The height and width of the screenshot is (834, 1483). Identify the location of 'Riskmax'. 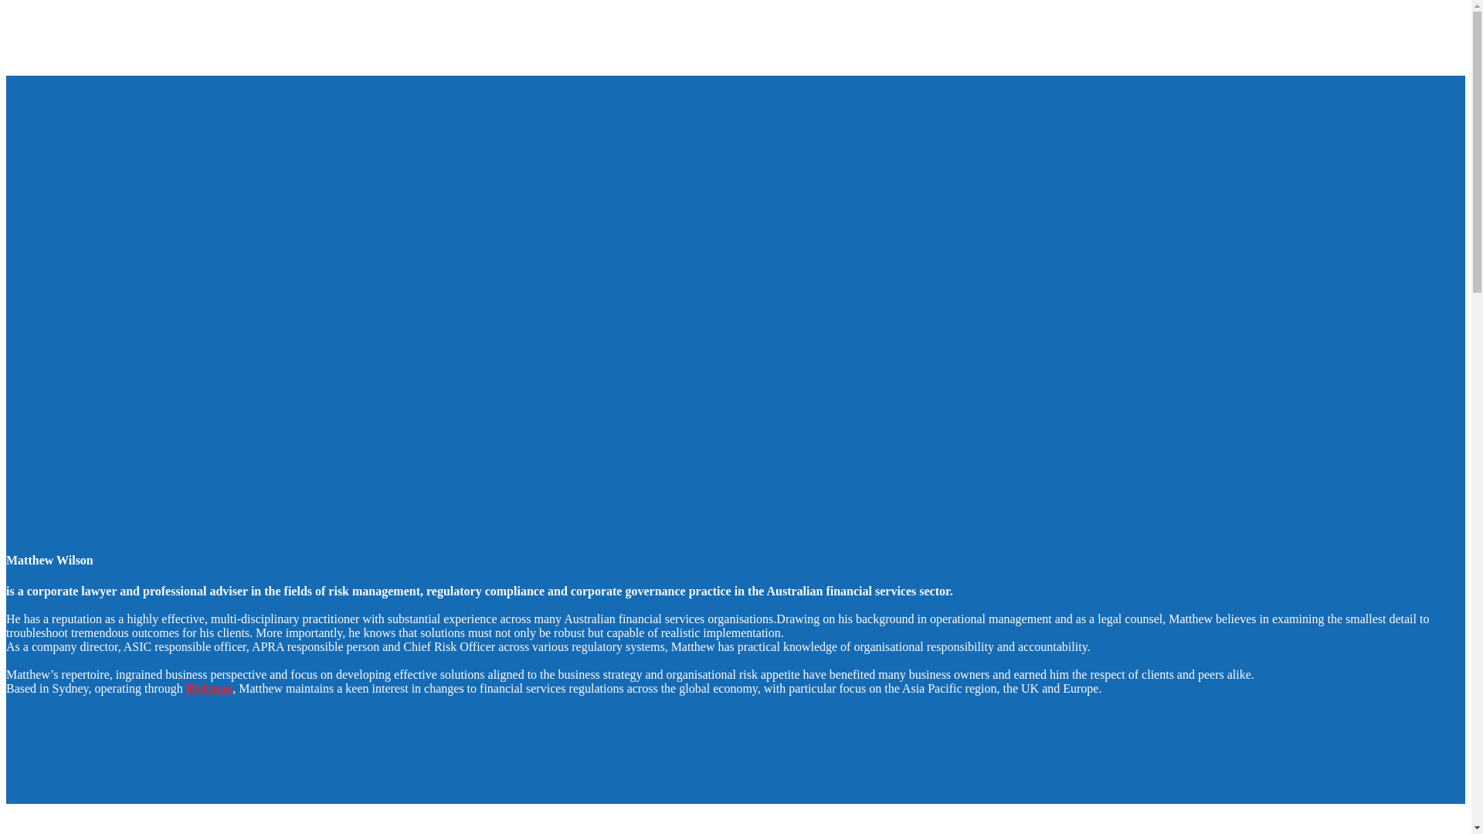
(208, 687).